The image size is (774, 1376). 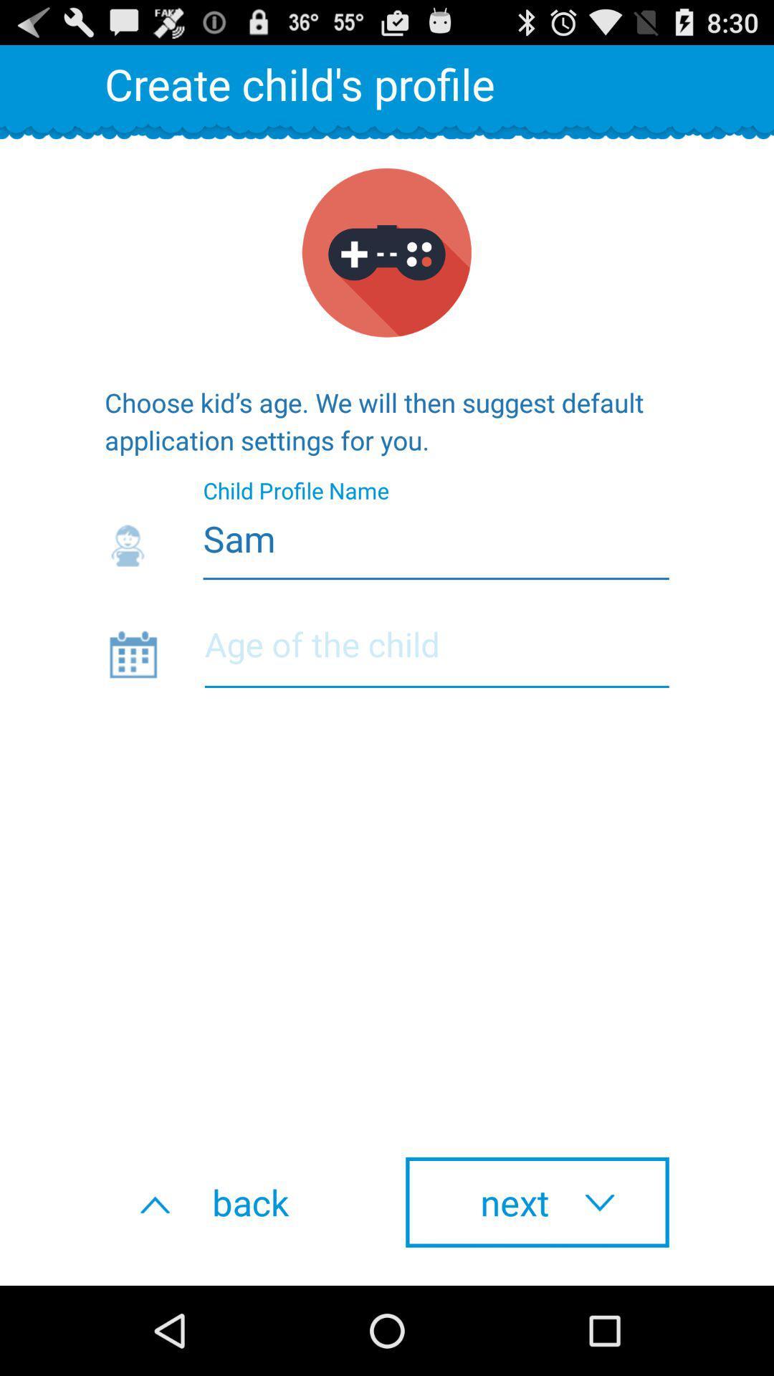 I want to click on the icon below choose kid s icon, so click(x=387, y=534).